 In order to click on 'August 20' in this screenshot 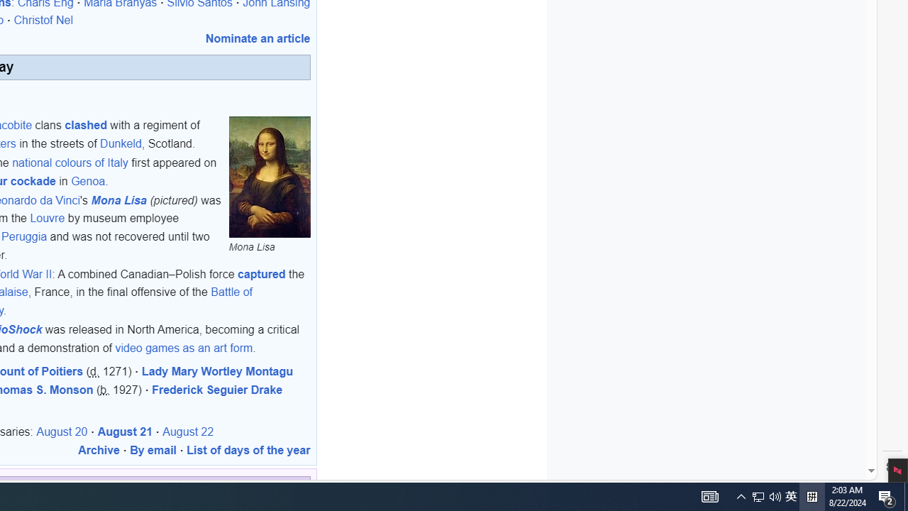, I will do `click(61, 431)`.